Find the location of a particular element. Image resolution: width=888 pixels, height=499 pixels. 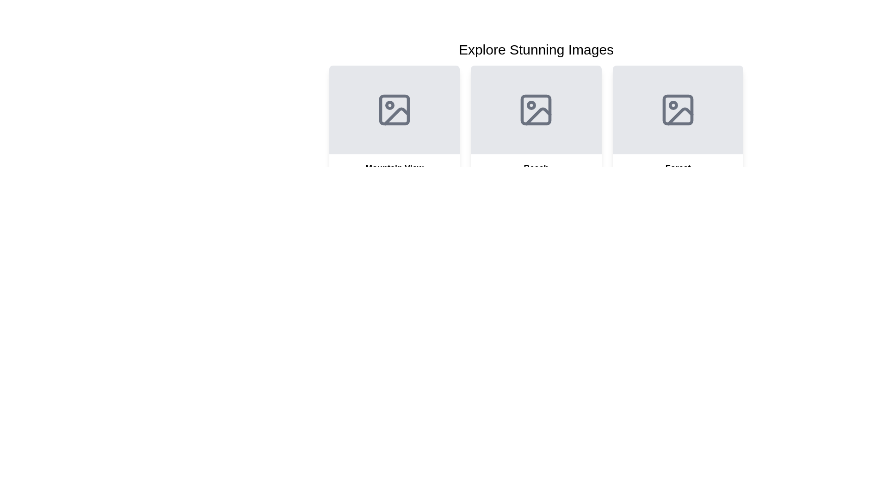

the first image placeholder element with a light gray background and an image outline icon is located at coordinates (394, 110).